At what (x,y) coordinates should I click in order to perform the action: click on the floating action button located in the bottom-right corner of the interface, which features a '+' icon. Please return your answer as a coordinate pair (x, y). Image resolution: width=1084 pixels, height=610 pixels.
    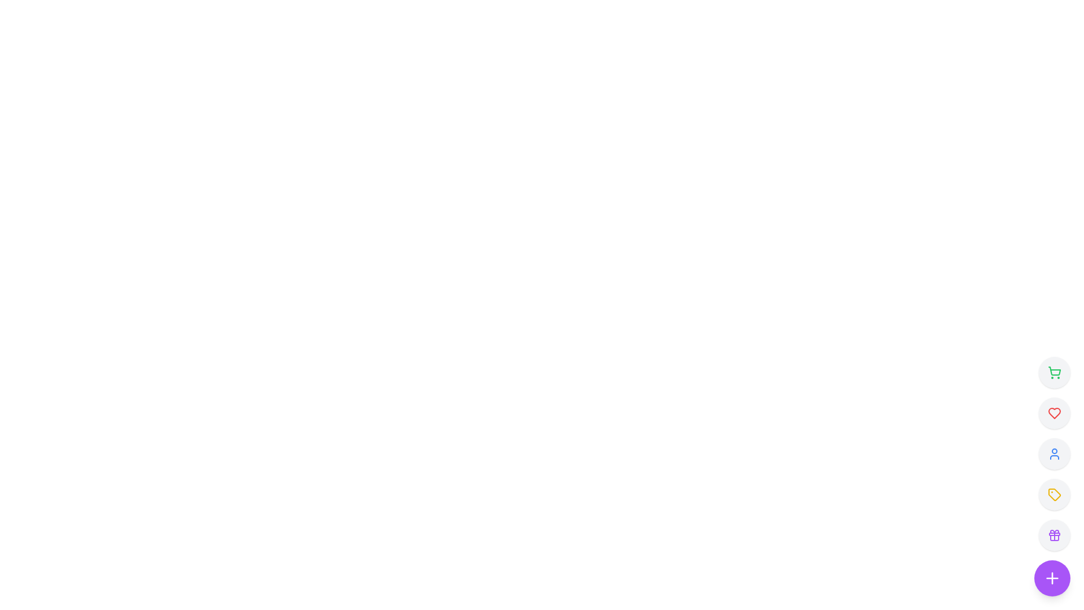
    Looking at the image, I should click on (1051, 578).